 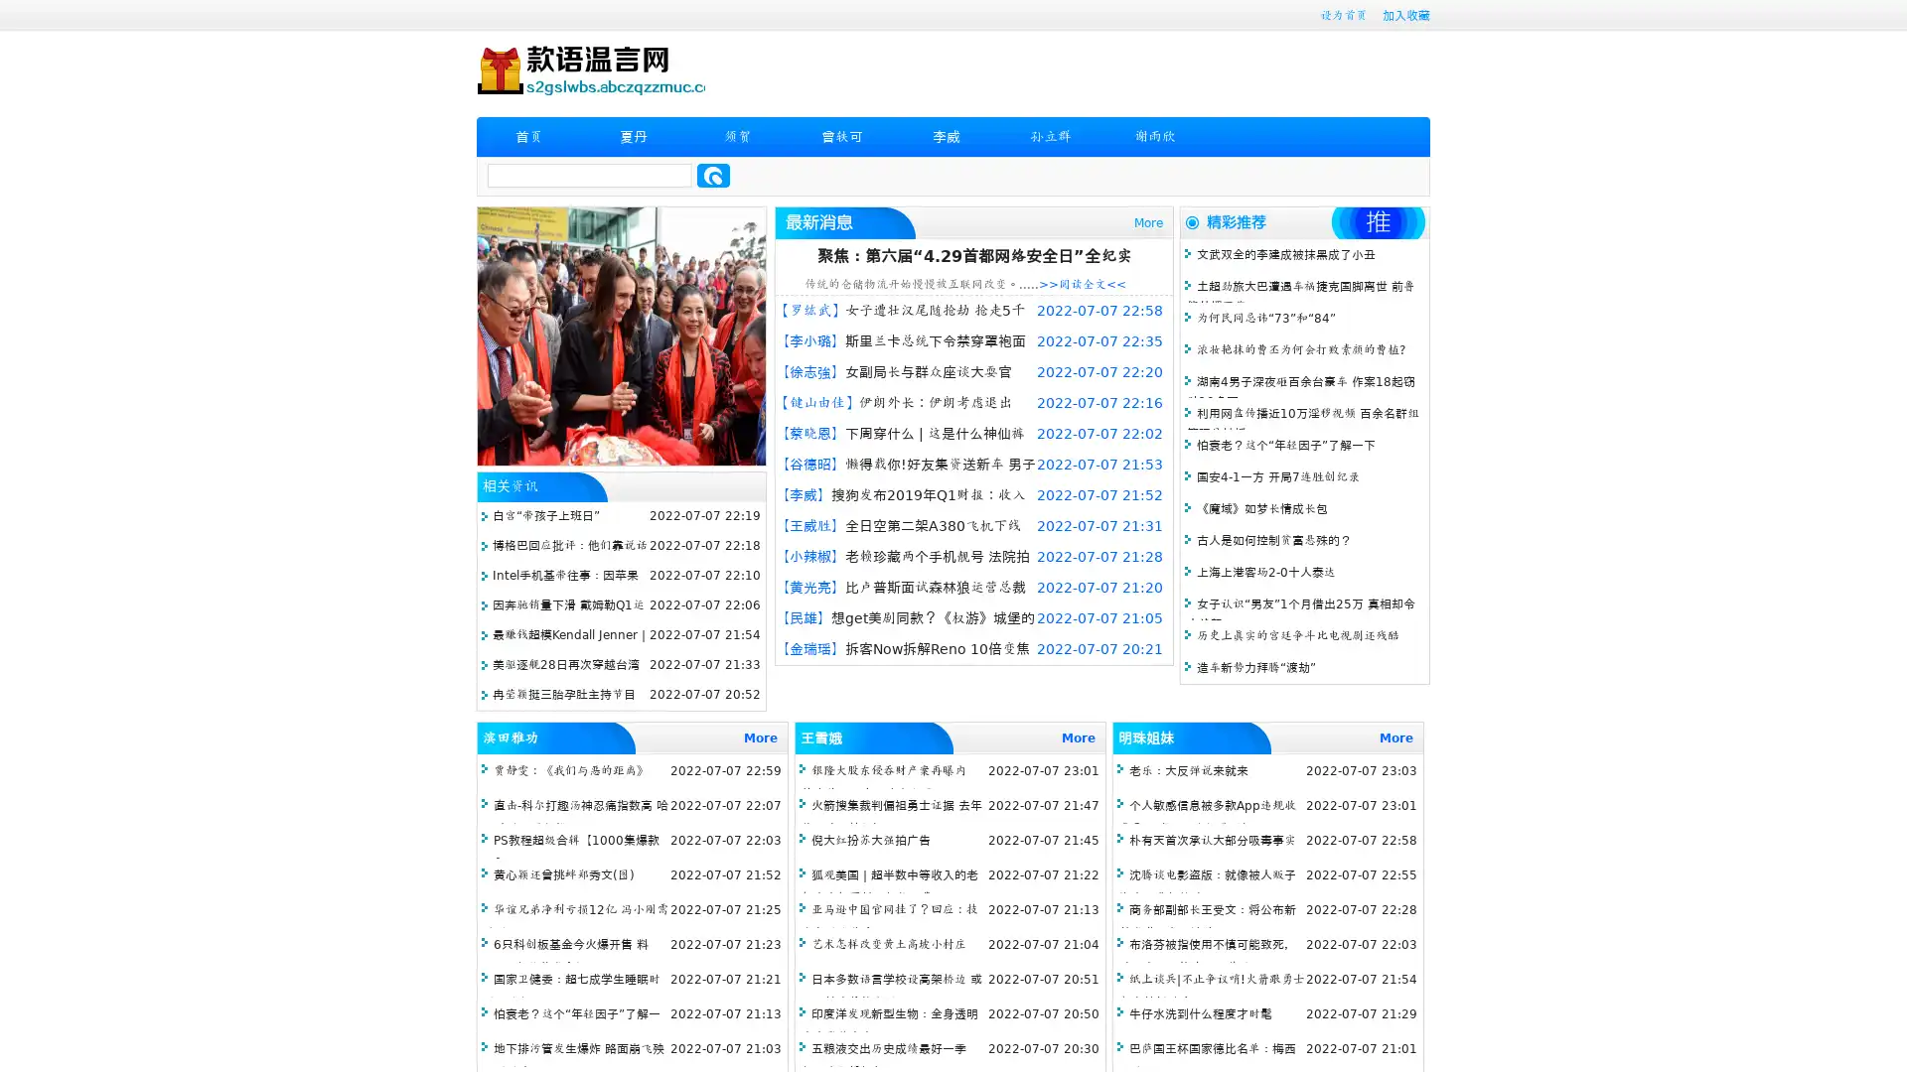 What do you see at coordinates (713, 175) in the screenshot?
I see `Search` at bounding box center [713, 175].